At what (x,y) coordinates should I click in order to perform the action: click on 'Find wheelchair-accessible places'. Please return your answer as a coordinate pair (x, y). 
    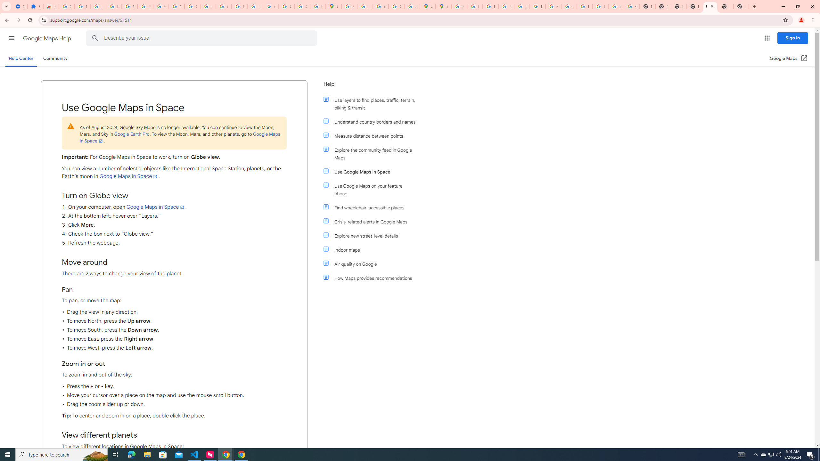
    Looking at the image, I should click on (372, 207).